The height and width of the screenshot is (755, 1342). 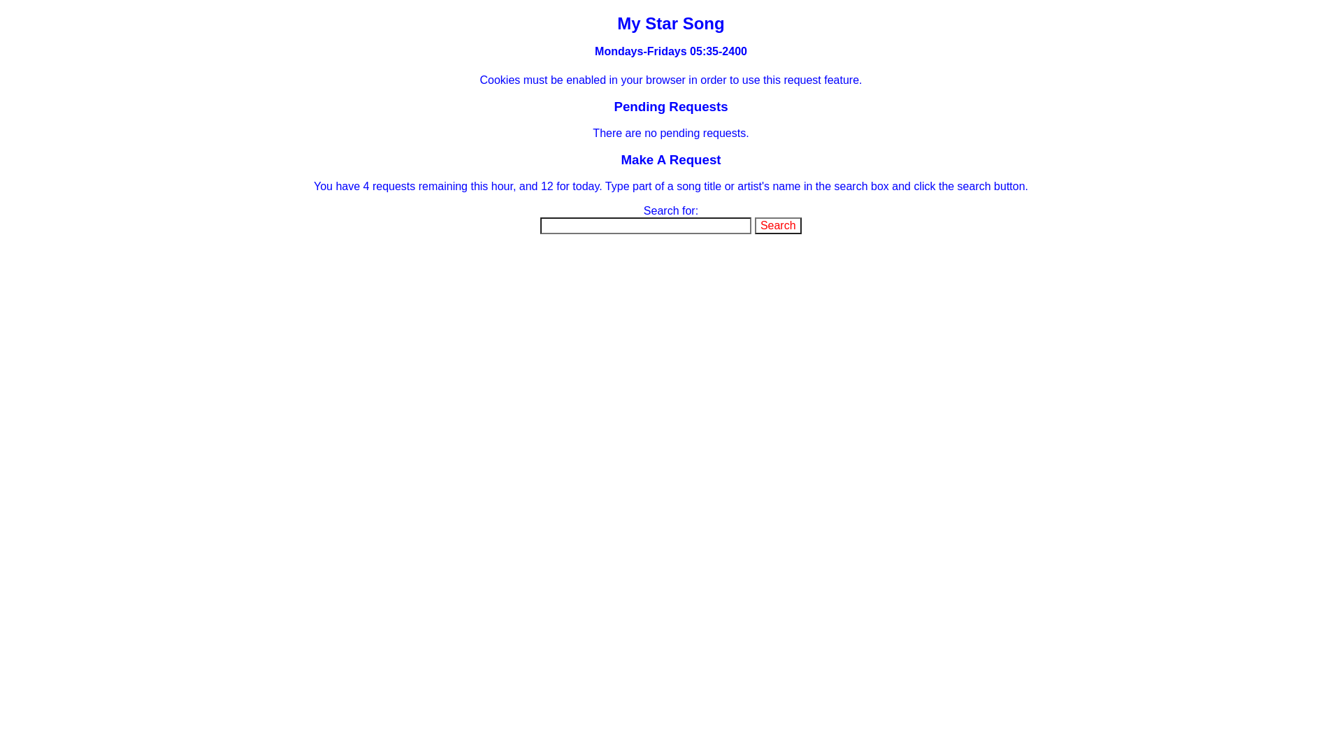 I want to click on 'Search', so click(x=777, y=225).